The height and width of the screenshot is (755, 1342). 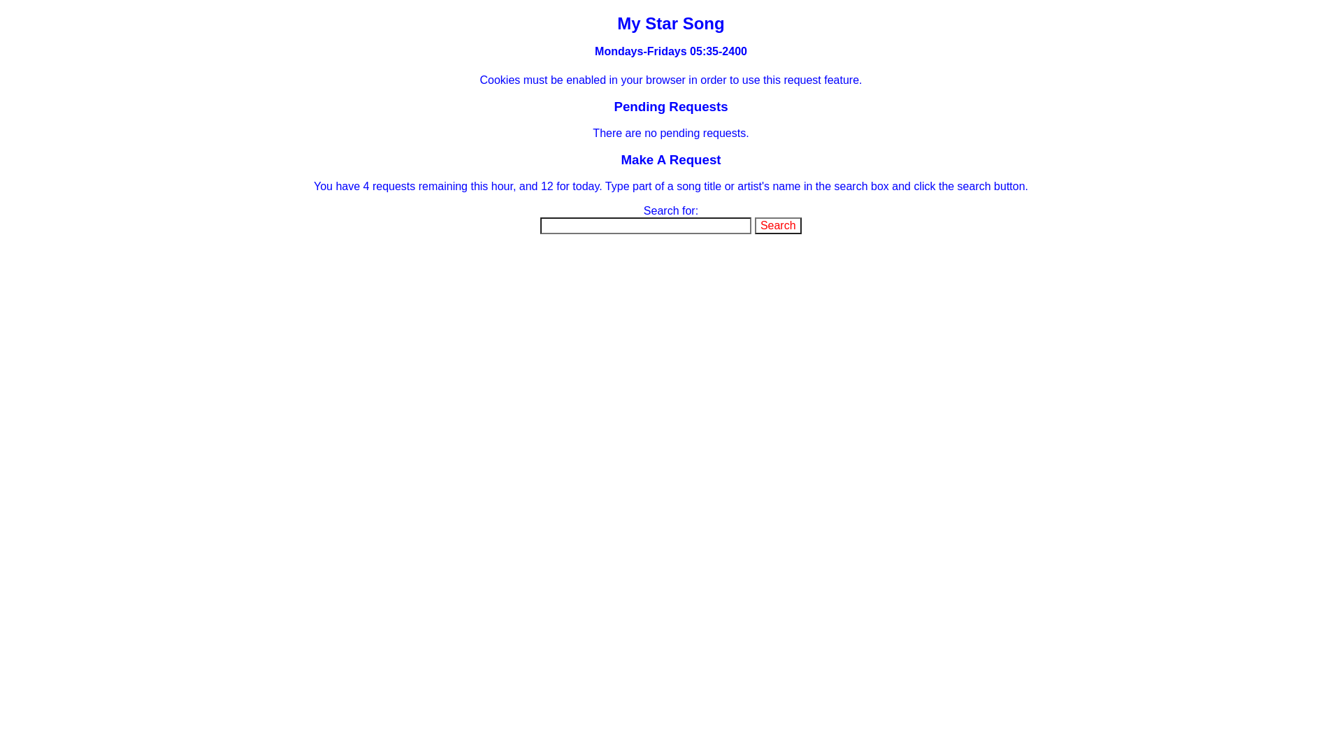 I want to click on 'Search', so click(x=777, y=225).